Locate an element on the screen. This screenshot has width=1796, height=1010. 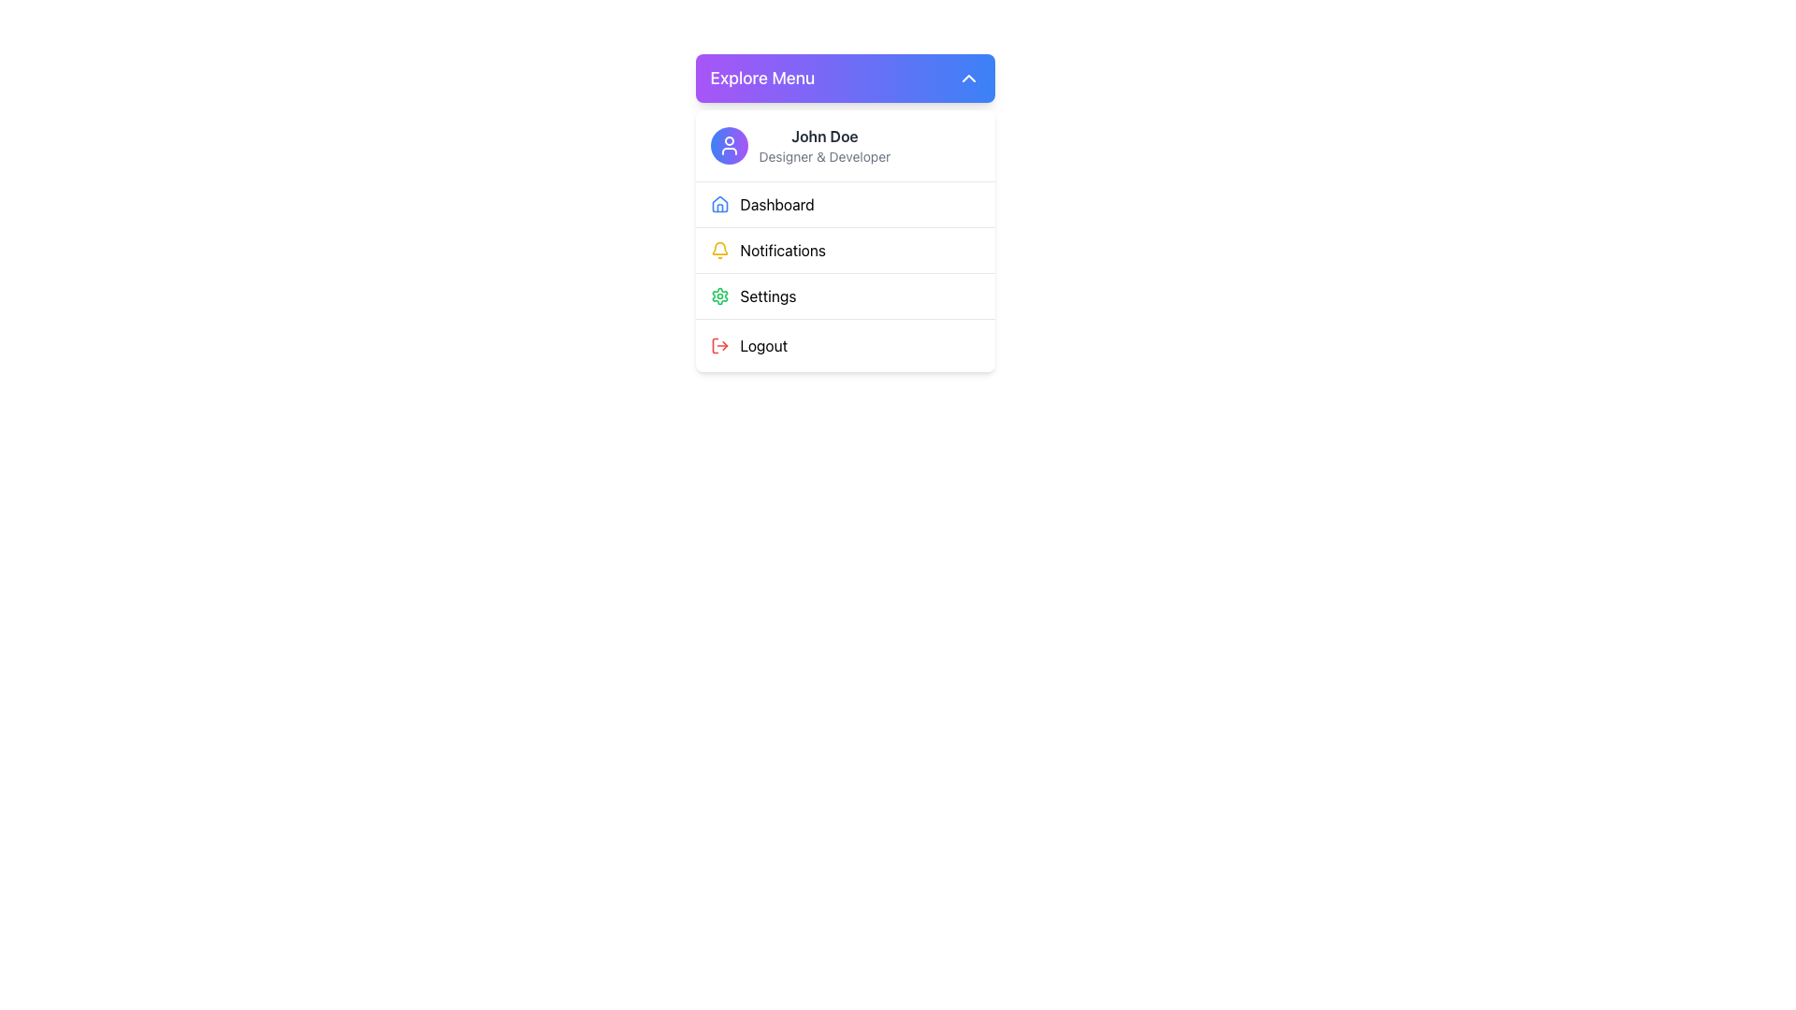
an option in the navigation dropdown menu located under the 'Explore Menu' button, which contains user information and menu options is located at coordinates (844, 240).